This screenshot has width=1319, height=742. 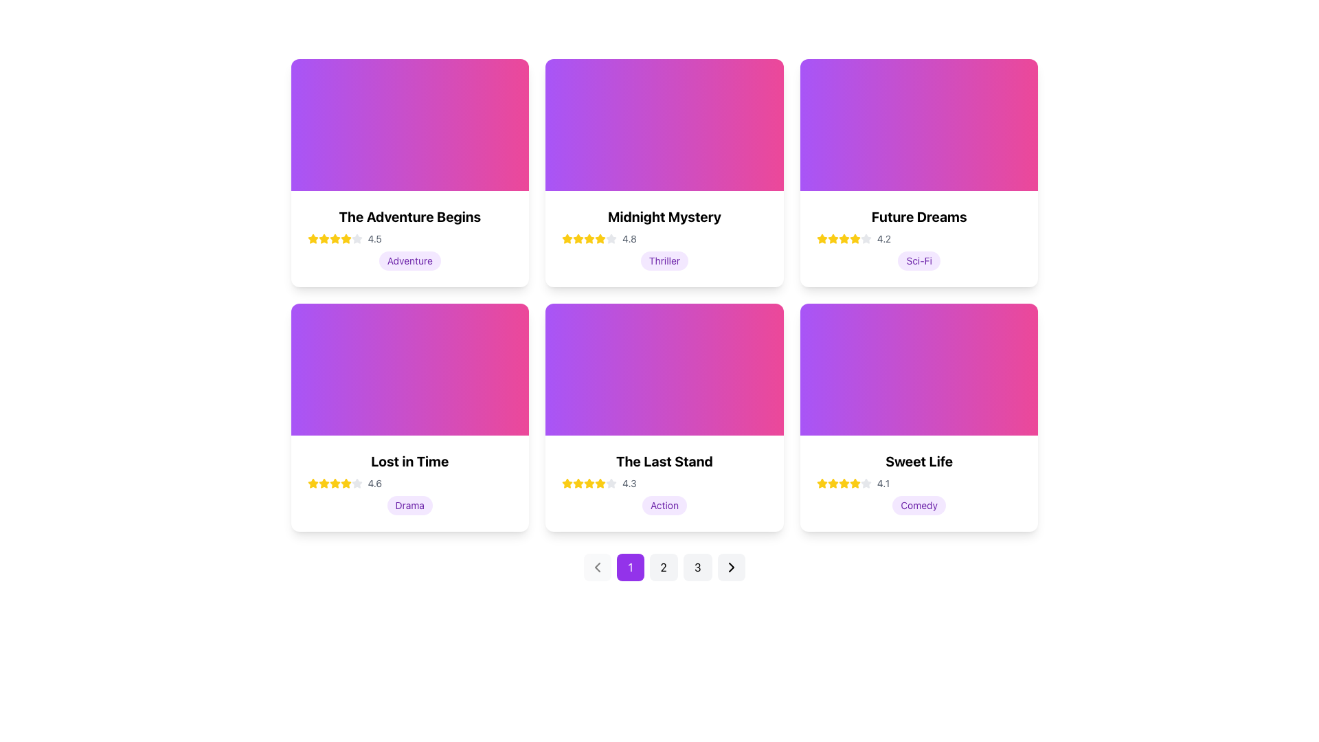 I want to click on the style or color of the third star icon in the rating component for the card titled 'Midnight Mystery', so click(x=578, y=238).